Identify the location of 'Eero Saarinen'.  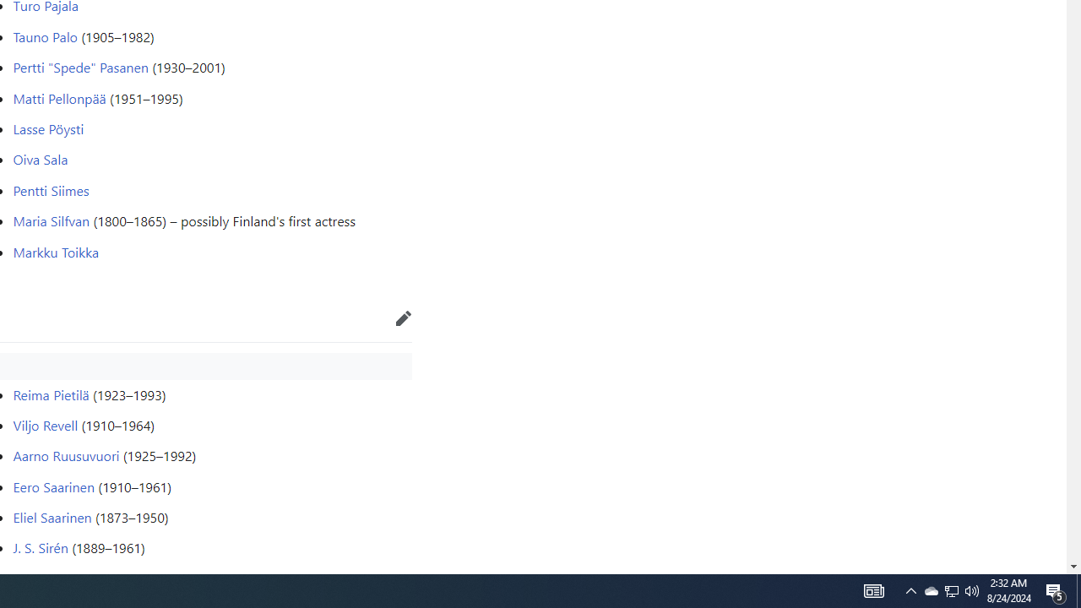
(54, 486).